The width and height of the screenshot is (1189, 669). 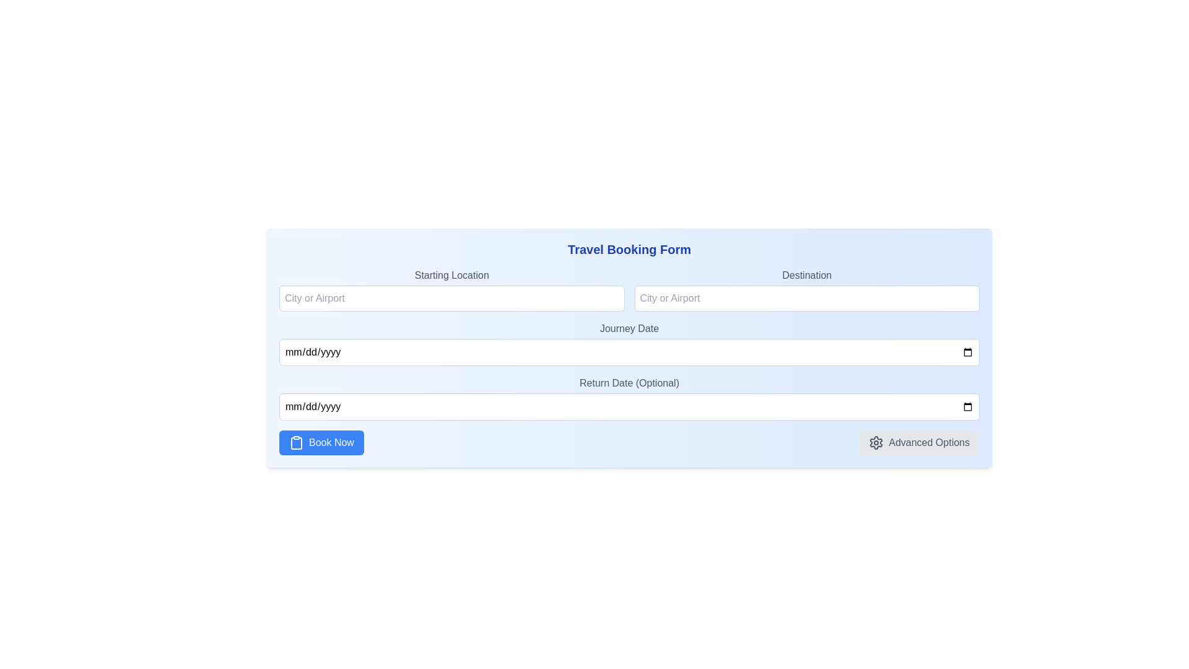 I want to click on the gear icon representing the 'Advanced Options' feature, so click(x=876, y=442).